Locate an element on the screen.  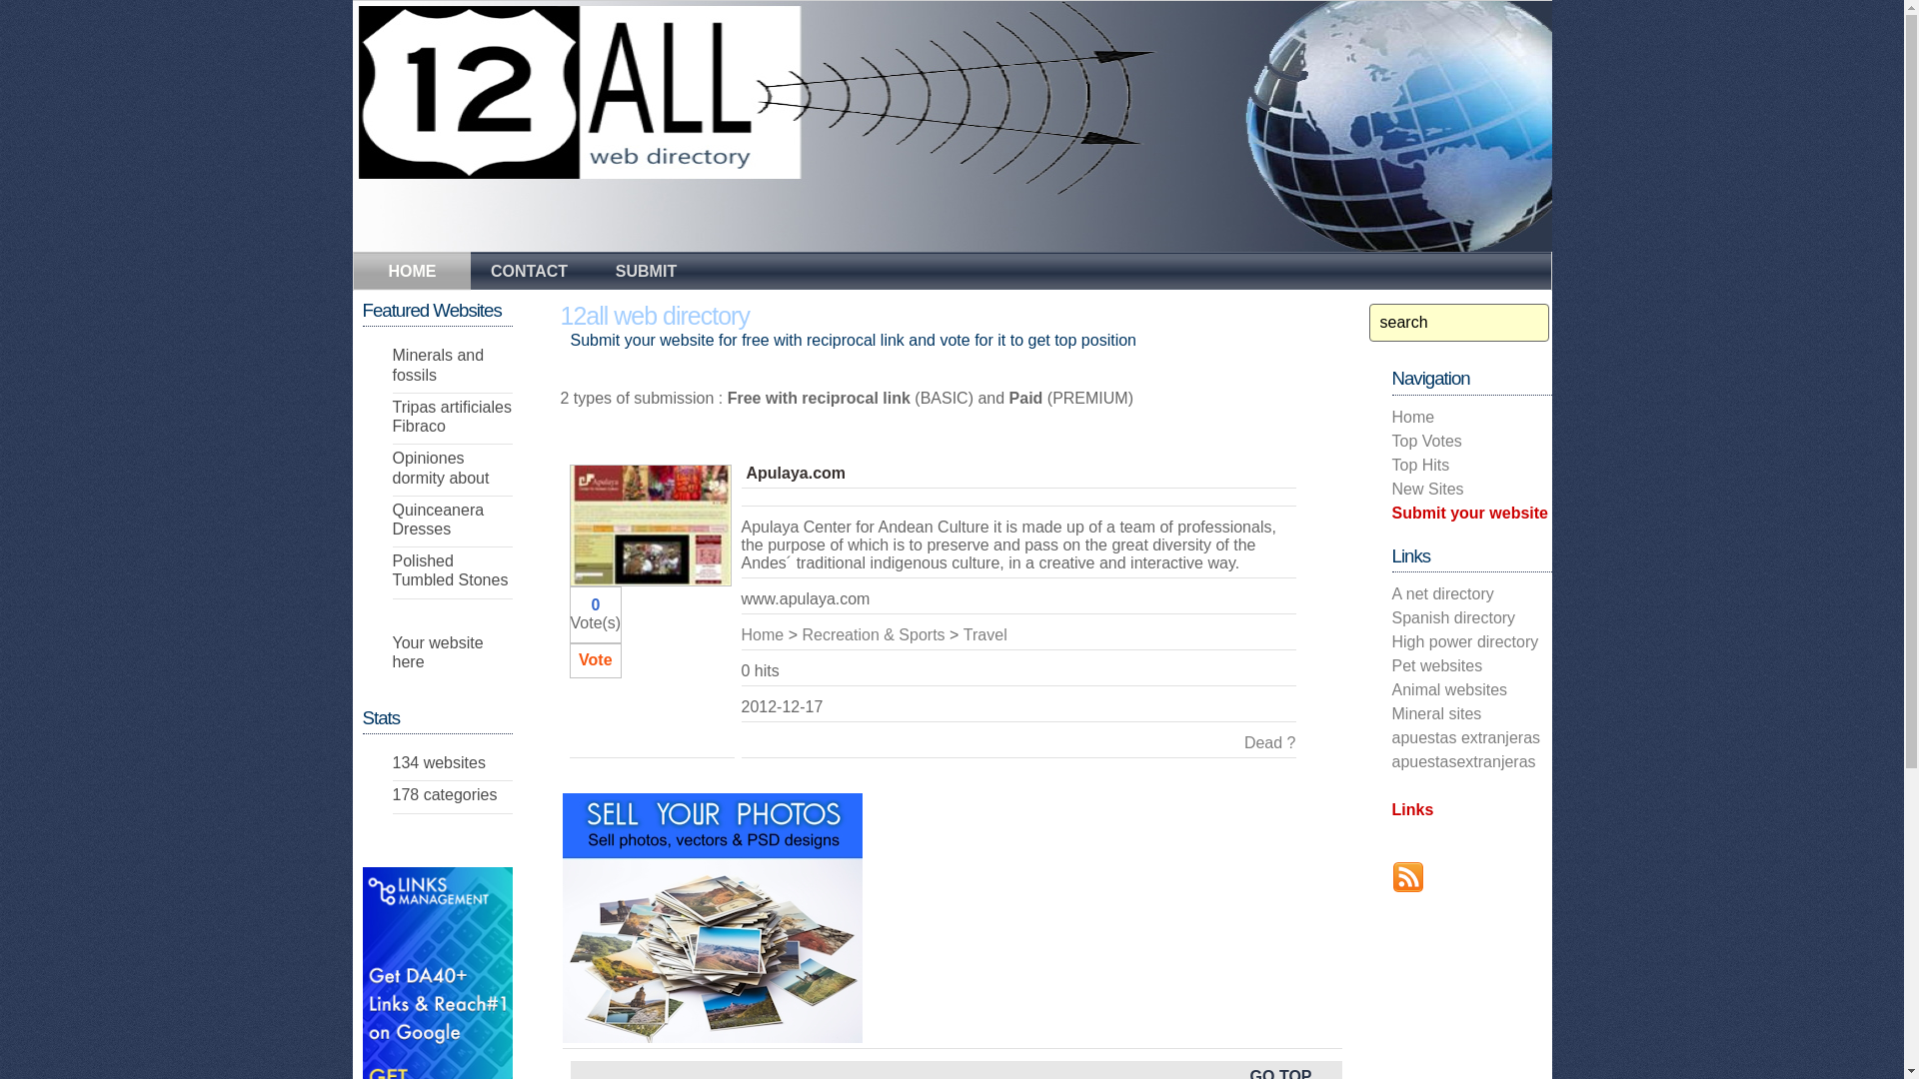
'Top Votes' is located at coordinates (1424, 440).